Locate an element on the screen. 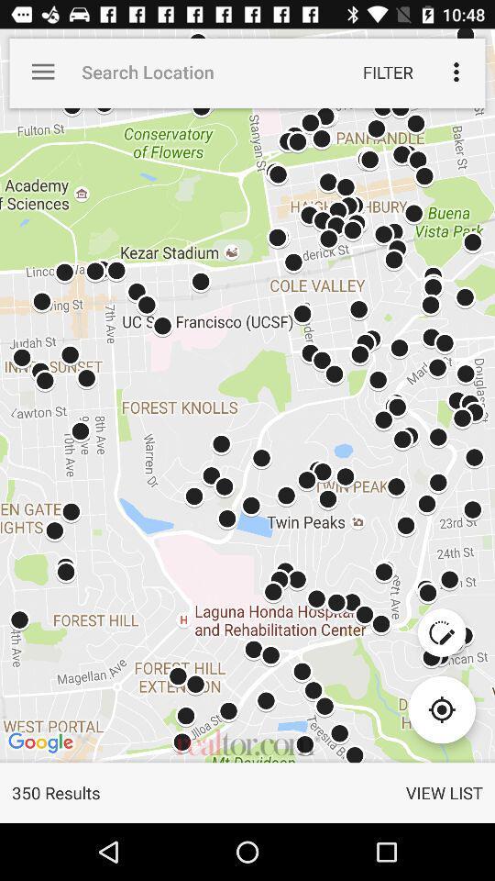 This screenshot has height=881, width=495. the filter app is located at coordinates (387, 72).